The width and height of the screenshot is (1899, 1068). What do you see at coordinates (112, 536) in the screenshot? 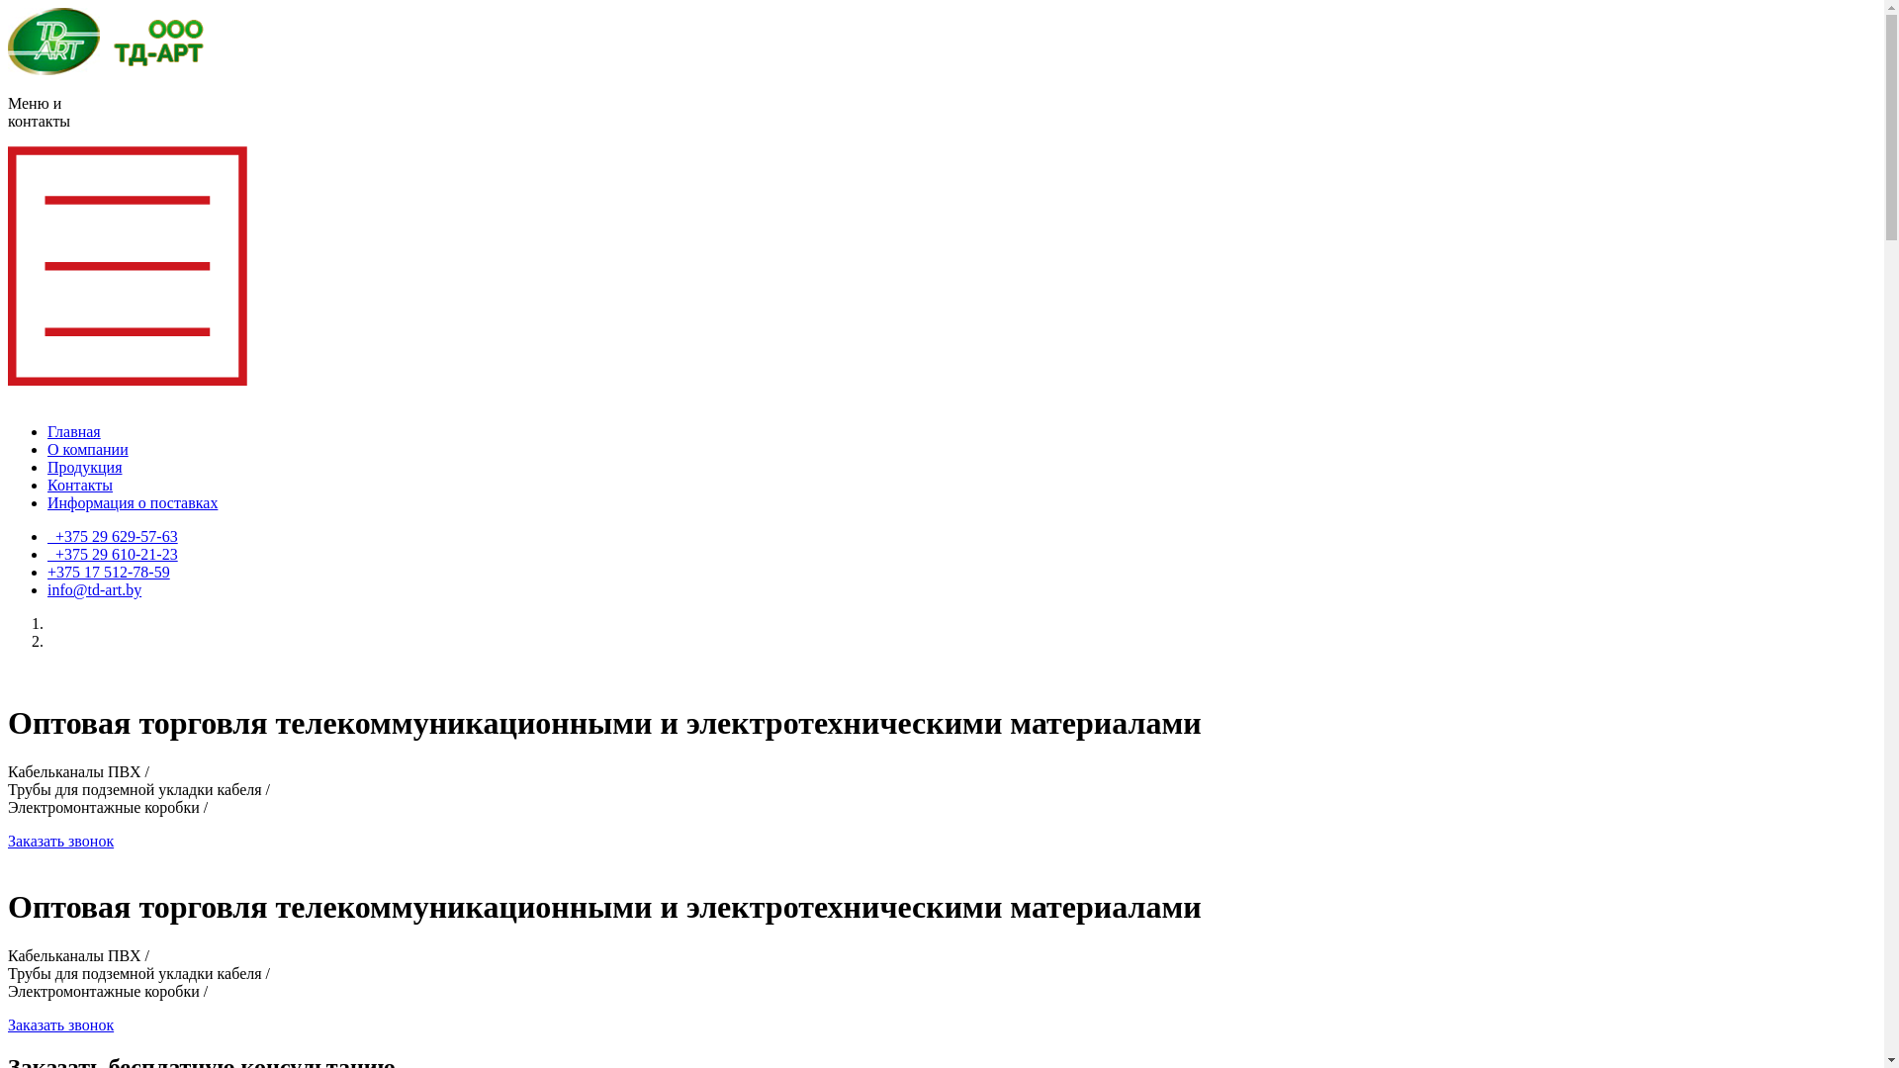
I see `'+375 29 629-57-63'` at bounding box center [112, 536].